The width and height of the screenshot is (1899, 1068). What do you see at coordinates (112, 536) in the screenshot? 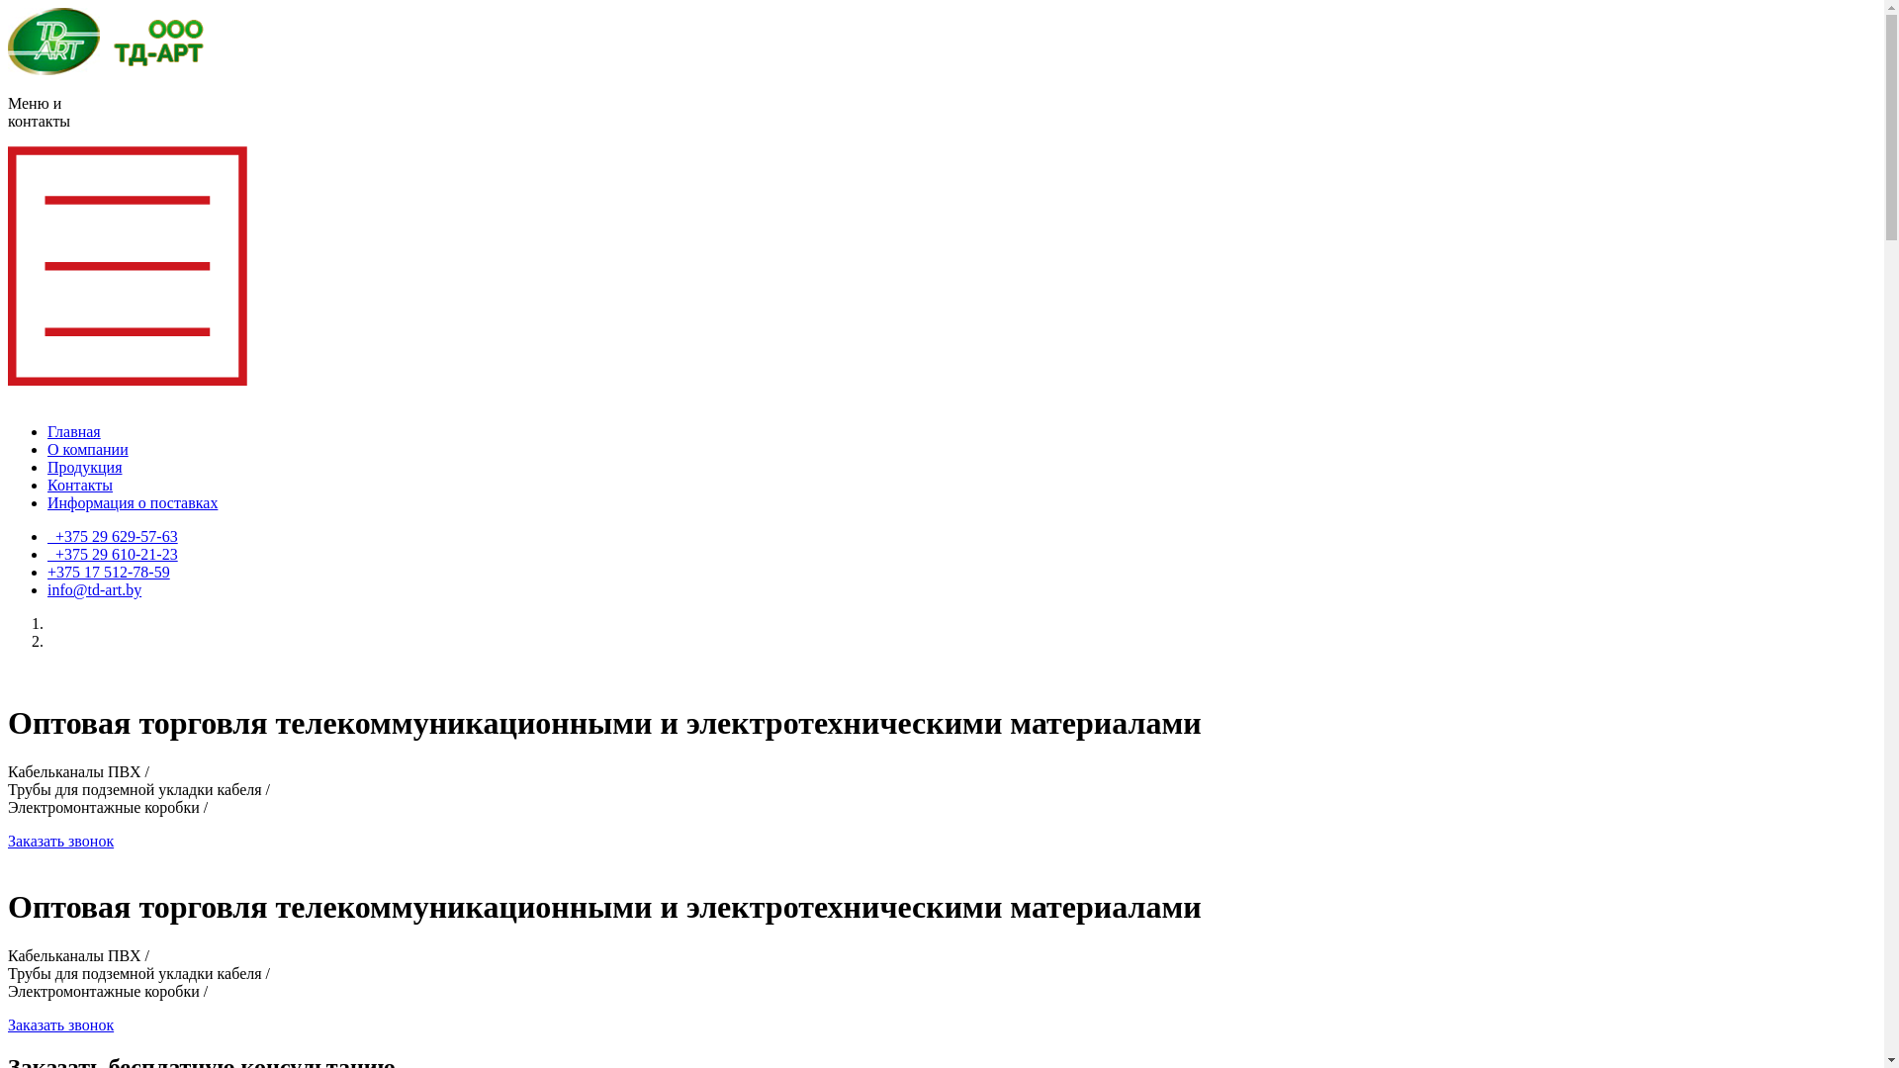
I see `'+375 29 629-57-63'` at bounding box center [112, 536].